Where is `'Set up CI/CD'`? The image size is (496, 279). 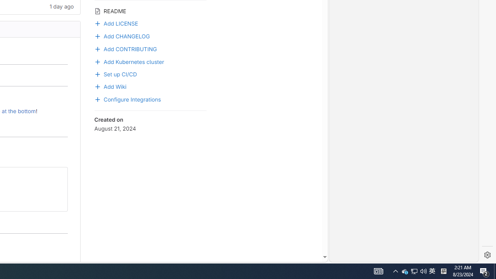
'Set up CI/CD' is located at coordinates (115, 73).